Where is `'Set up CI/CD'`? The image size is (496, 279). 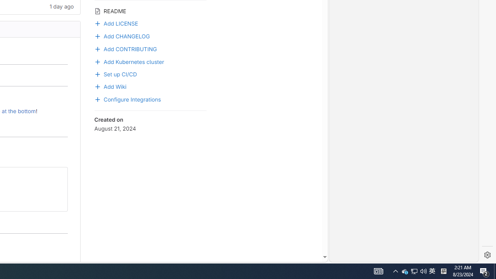
'Set up CI/CD' is located at coordinates (115, 73).